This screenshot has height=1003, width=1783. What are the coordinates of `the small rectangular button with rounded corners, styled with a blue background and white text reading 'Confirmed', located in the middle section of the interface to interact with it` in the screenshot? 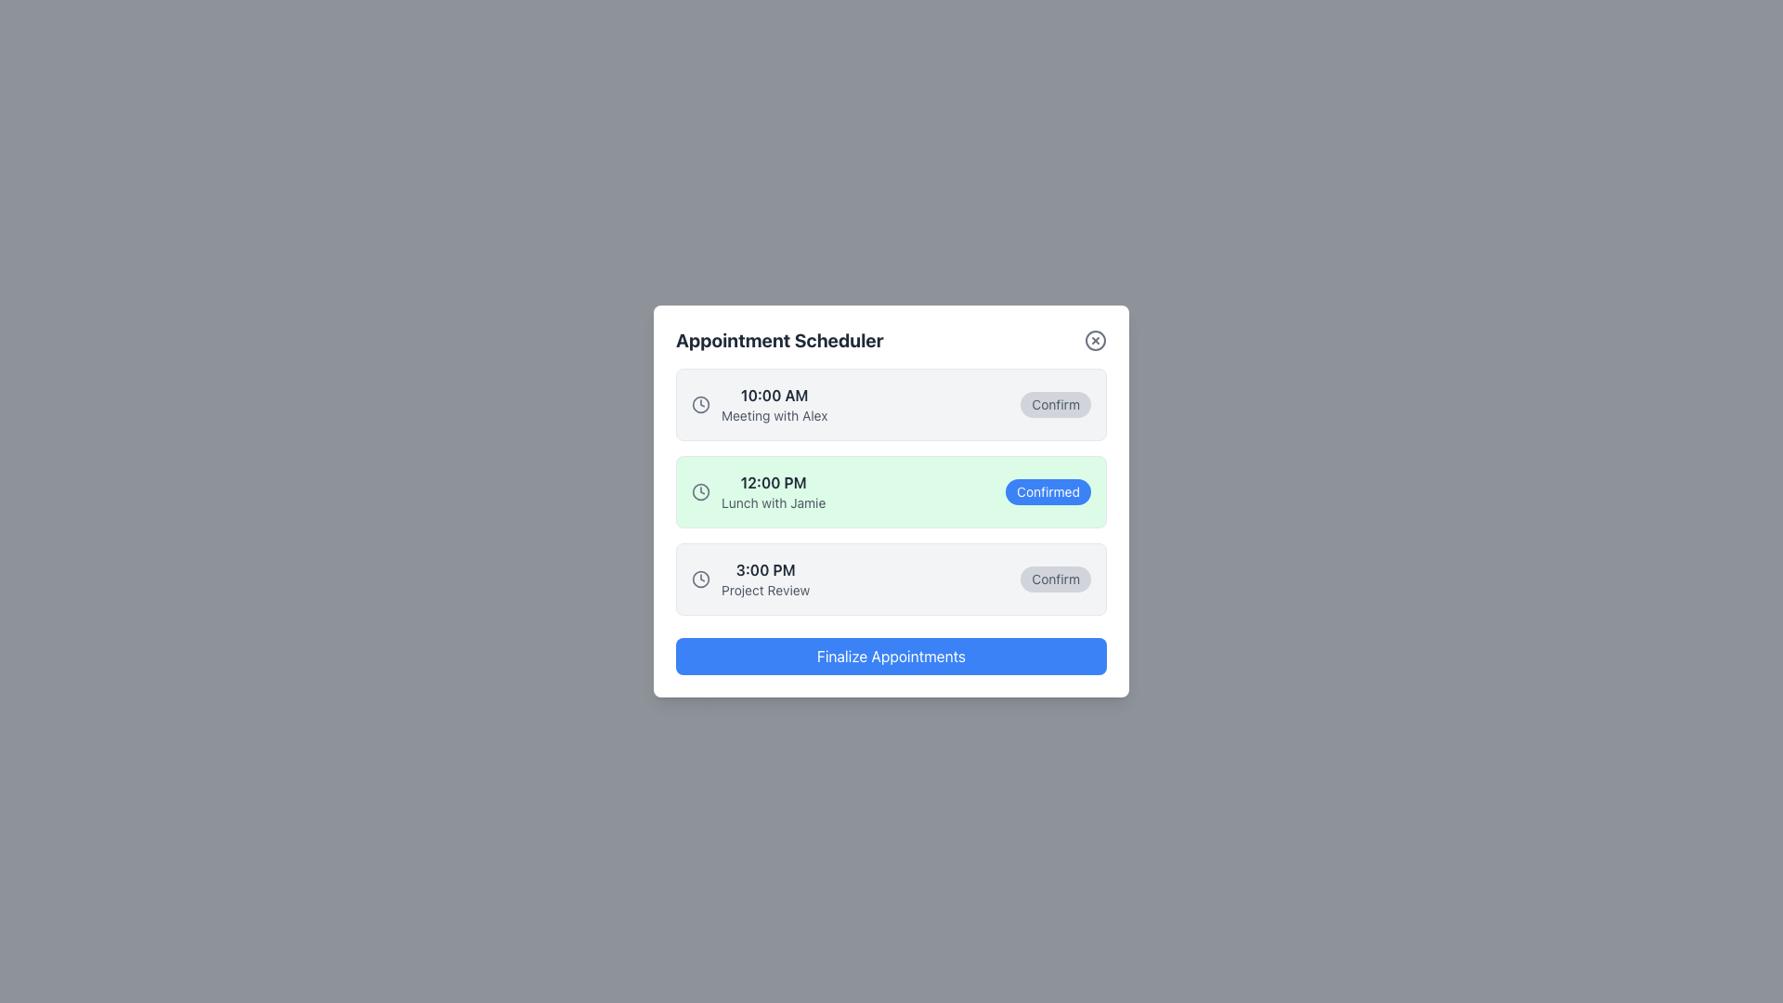 It's located at (1048, 490).